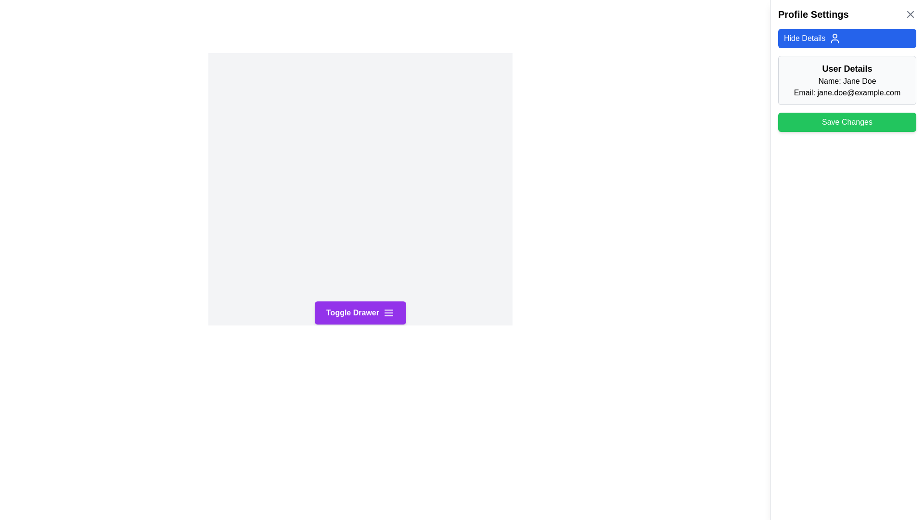  Describe the element at coordinates (847, 122) in the screenshot. I see `the 'Save Changes' button located at the bottom of the 'Profile Settings' panel, which has a green background and rounded corners` at that location.